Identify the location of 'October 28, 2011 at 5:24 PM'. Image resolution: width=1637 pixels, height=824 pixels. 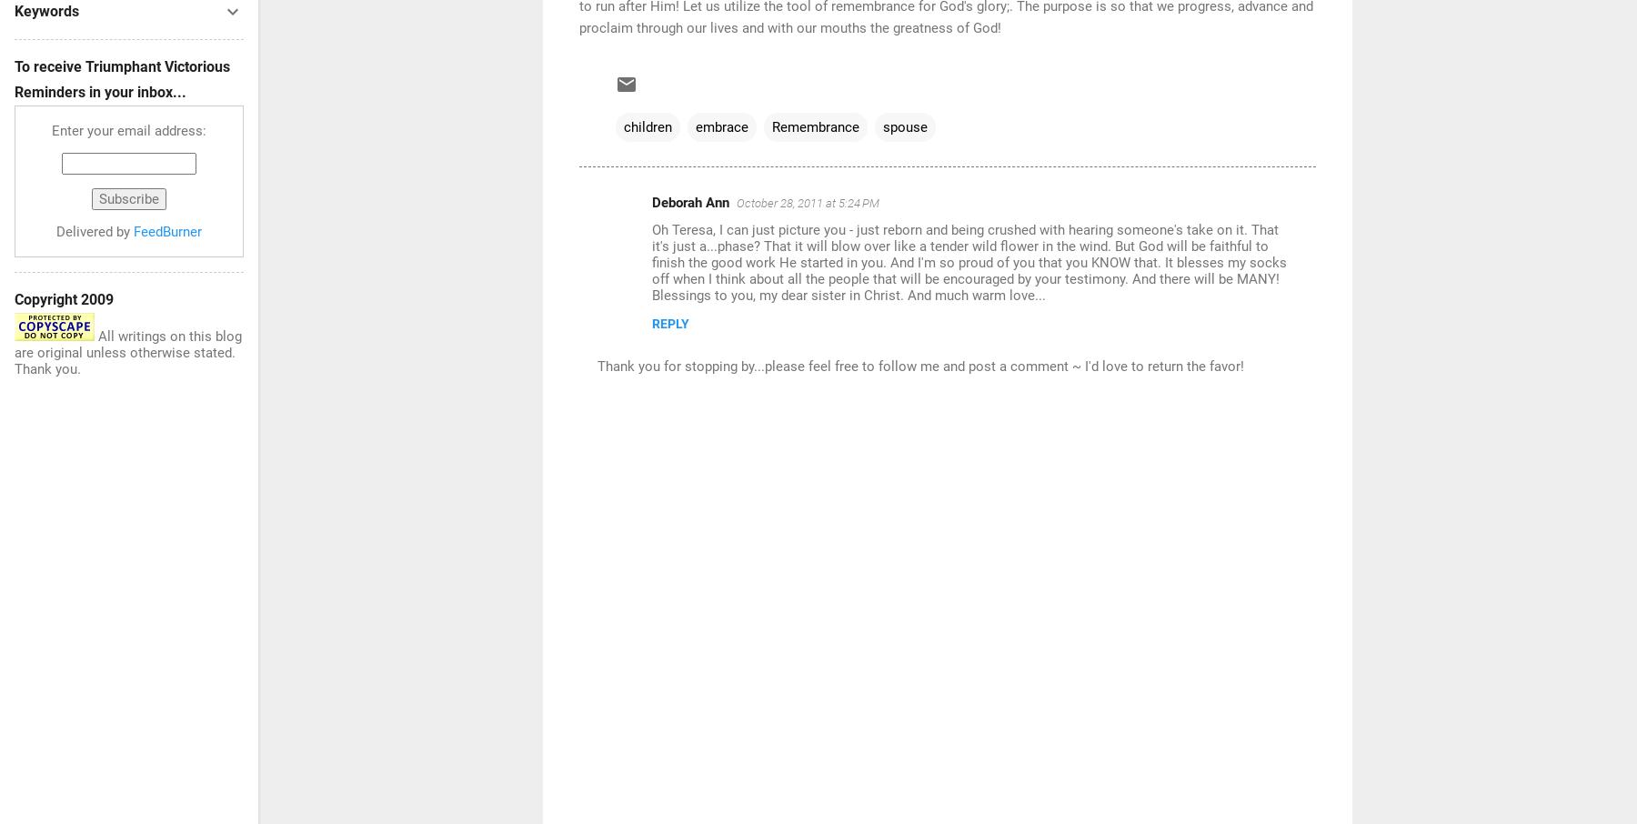
(808, 202).